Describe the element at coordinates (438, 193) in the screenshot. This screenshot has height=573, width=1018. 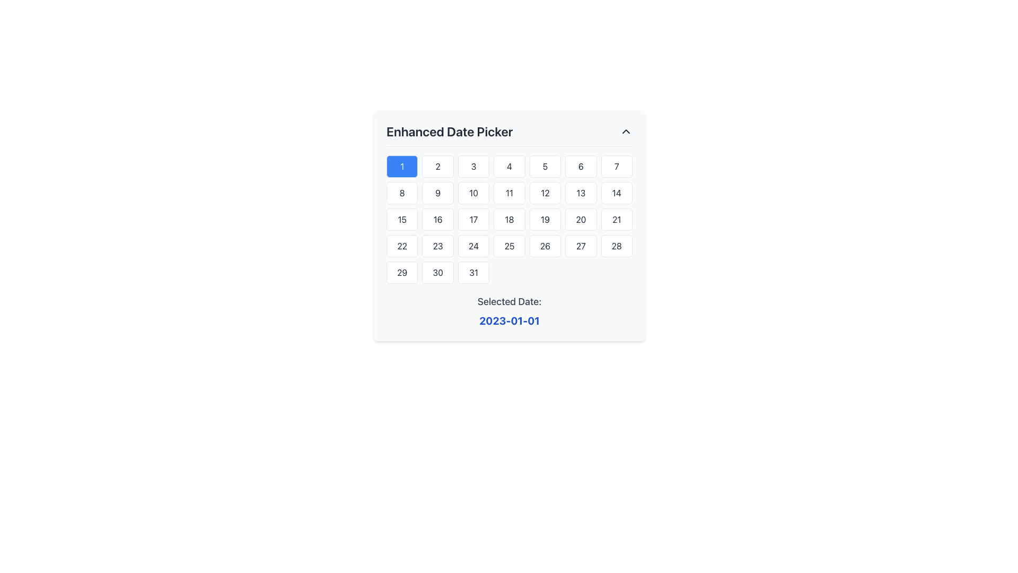
I see `the button displaying the number '9', which is located in the second row and second column of the grid layout in the Enhanced Date Picker` at that location.